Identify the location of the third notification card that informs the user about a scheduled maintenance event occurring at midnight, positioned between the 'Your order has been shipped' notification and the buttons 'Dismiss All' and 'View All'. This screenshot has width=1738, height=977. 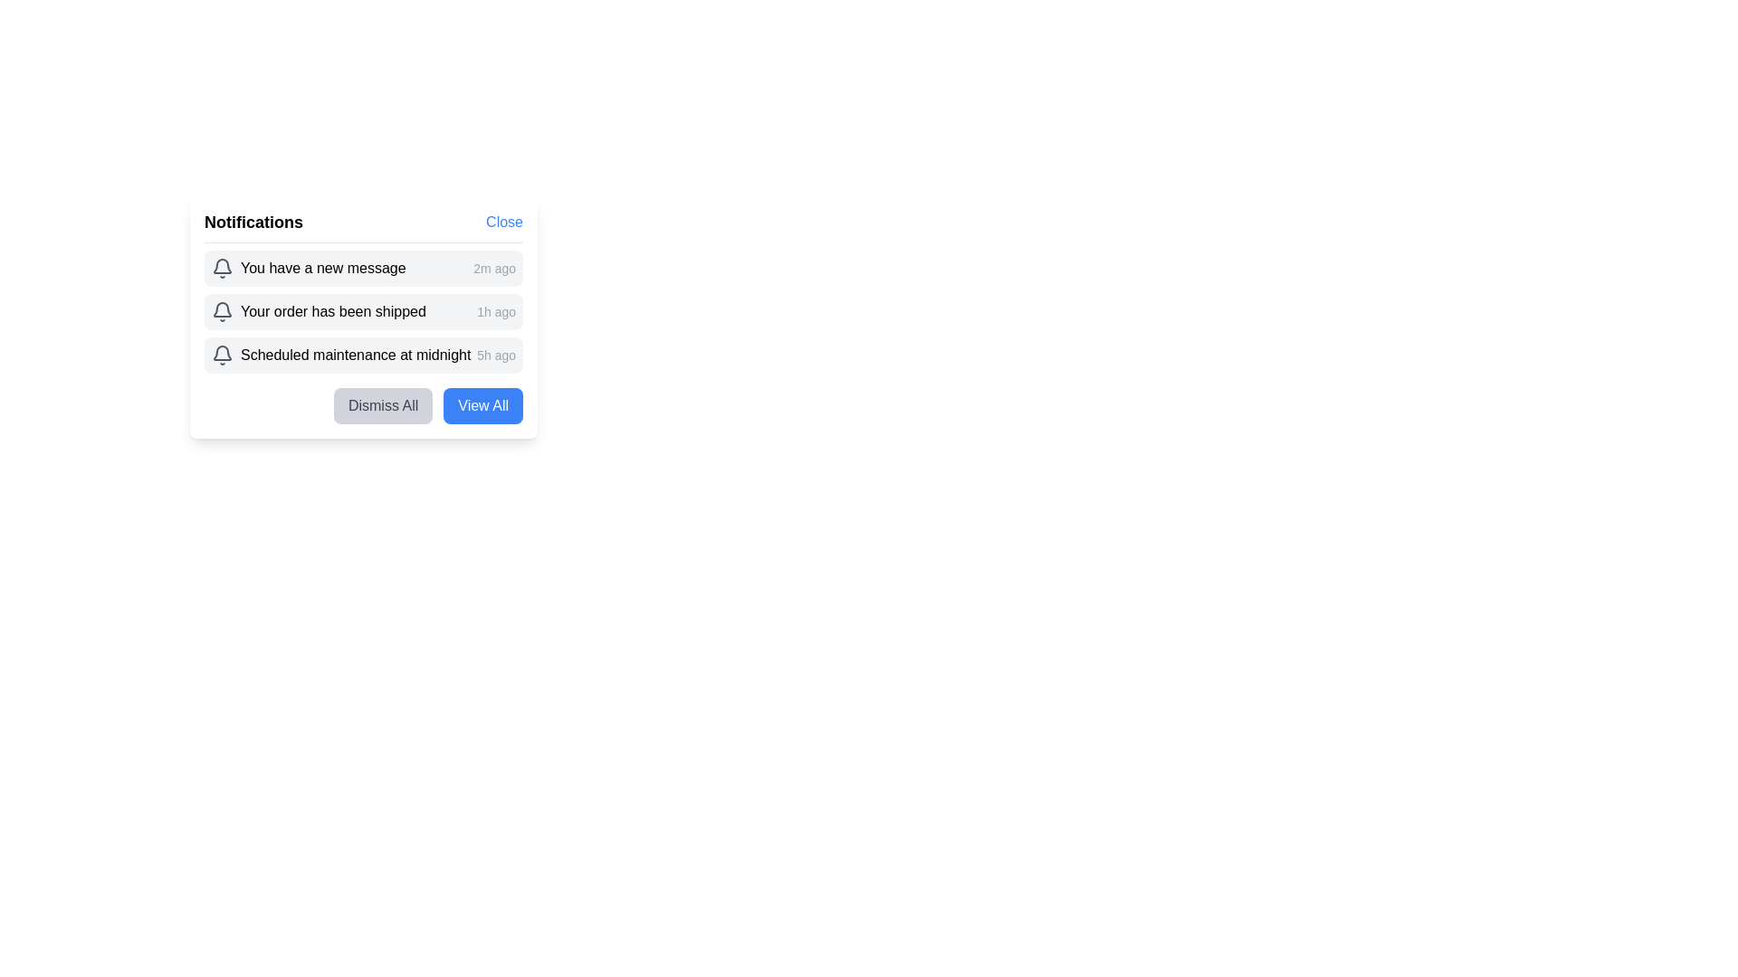
(363, 356).